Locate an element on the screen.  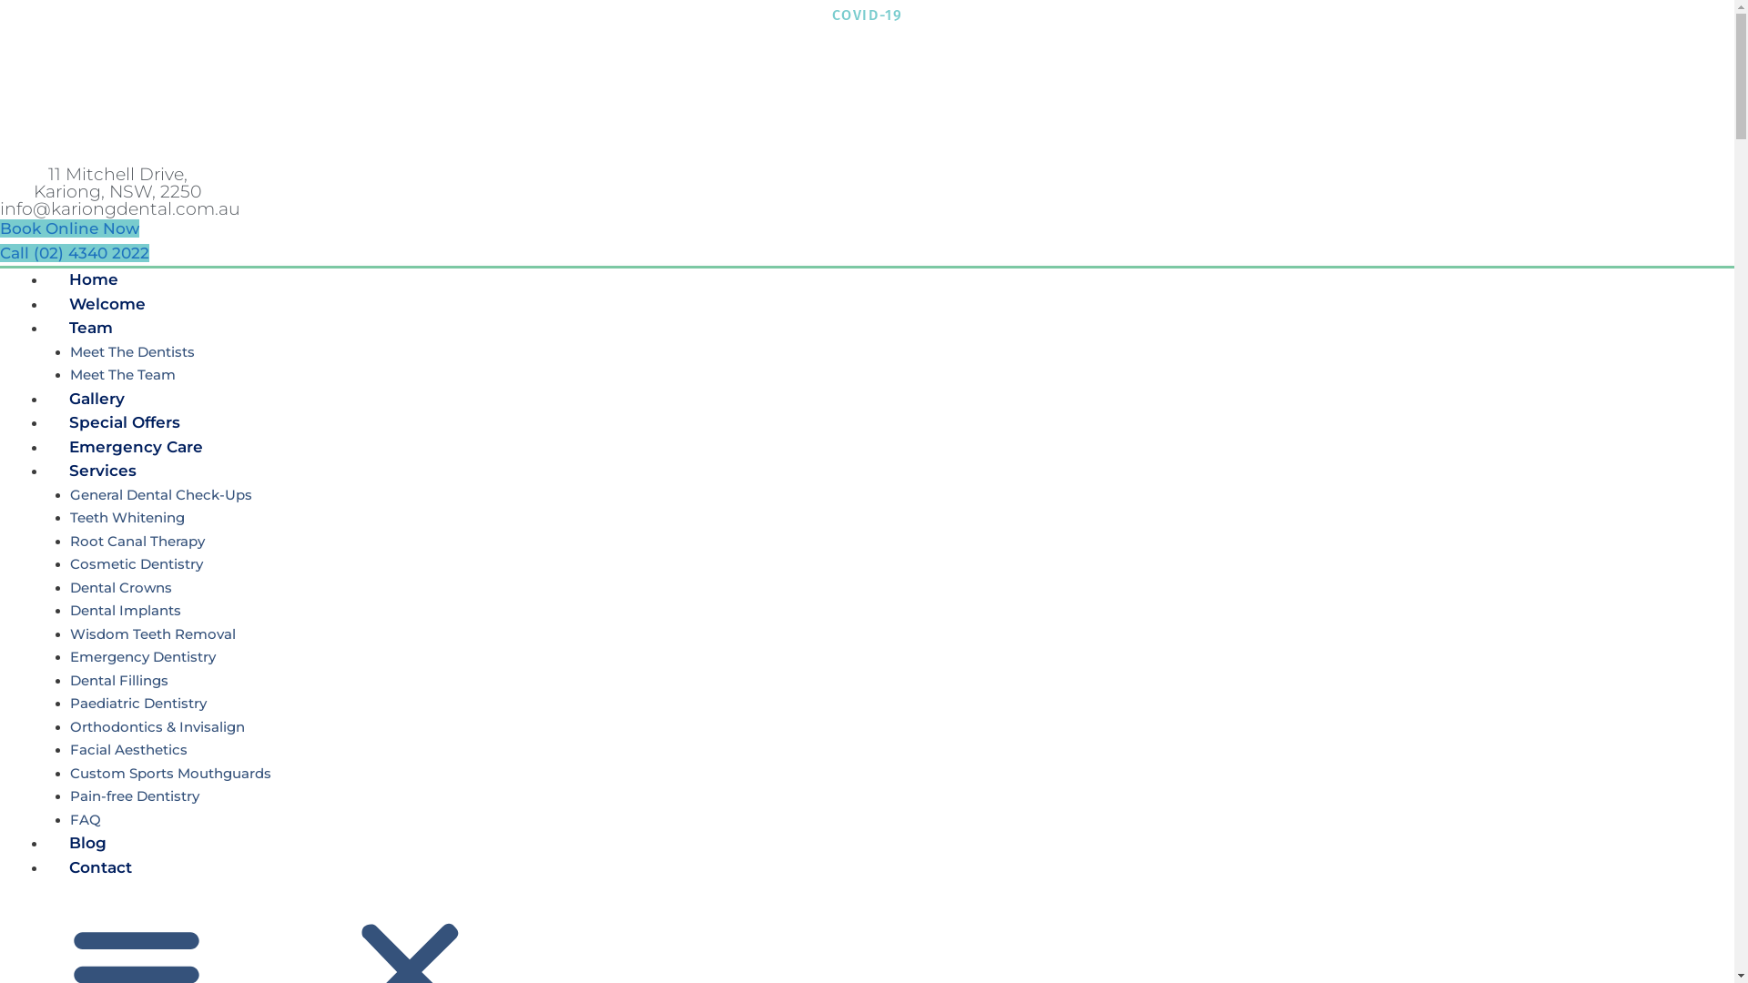
'Services' is located at coordinates (102, 469).